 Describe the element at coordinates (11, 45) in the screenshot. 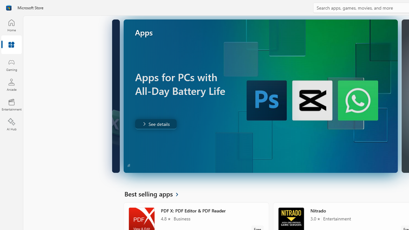

I see `'Apps'` at that location.